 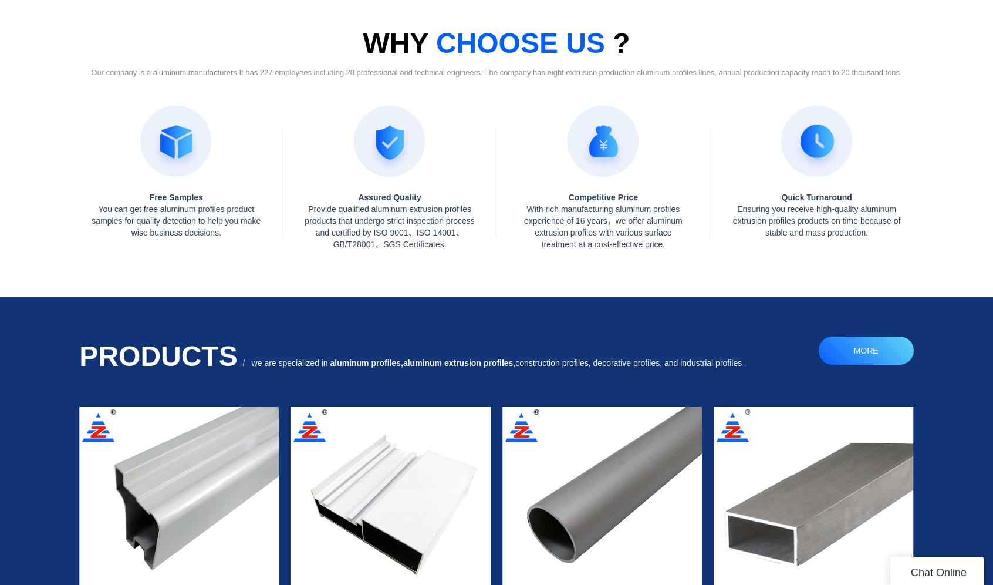 What do you see at coordinates (602, 225) in the screenshot?
I see `'With rich manufacturing aluminum profiles experience of 16 years，we offer aluminum extrusion profiles with various surface treatment at a cost-effective price.'` at bounding box center [602, 225].